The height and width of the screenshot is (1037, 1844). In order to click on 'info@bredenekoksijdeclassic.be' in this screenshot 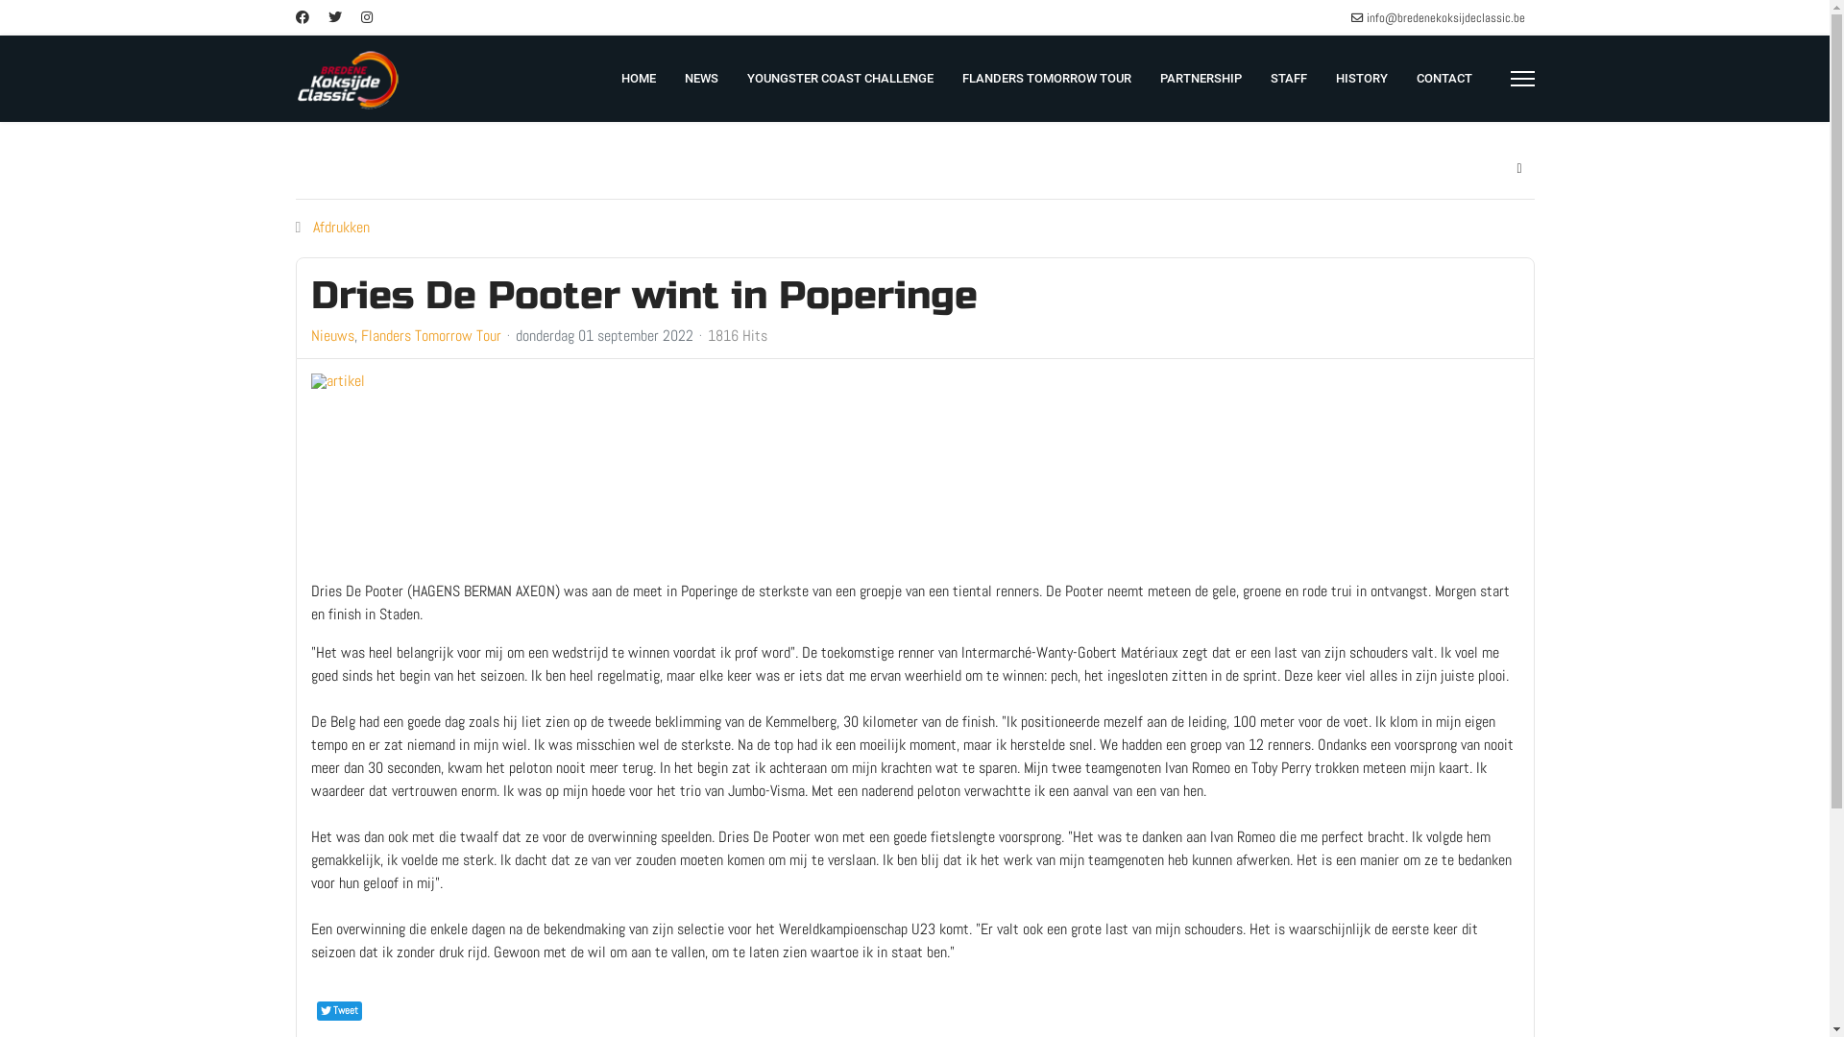, I will do `click(1444, 18)`.